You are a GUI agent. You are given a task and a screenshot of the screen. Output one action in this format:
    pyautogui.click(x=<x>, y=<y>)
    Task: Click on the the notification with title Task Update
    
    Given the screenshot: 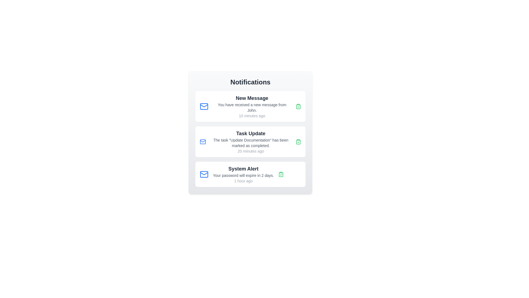 What is the action you would take?
    pyautogui.click(x=250, y=141)
    